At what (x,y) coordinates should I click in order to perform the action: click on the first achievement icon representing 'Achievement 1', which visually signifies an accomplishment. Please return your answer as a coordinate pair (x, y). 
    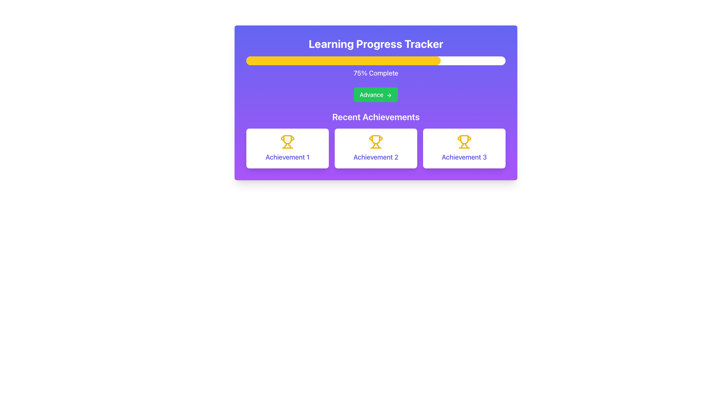
    Looking at the image, I should click on (287, 142).